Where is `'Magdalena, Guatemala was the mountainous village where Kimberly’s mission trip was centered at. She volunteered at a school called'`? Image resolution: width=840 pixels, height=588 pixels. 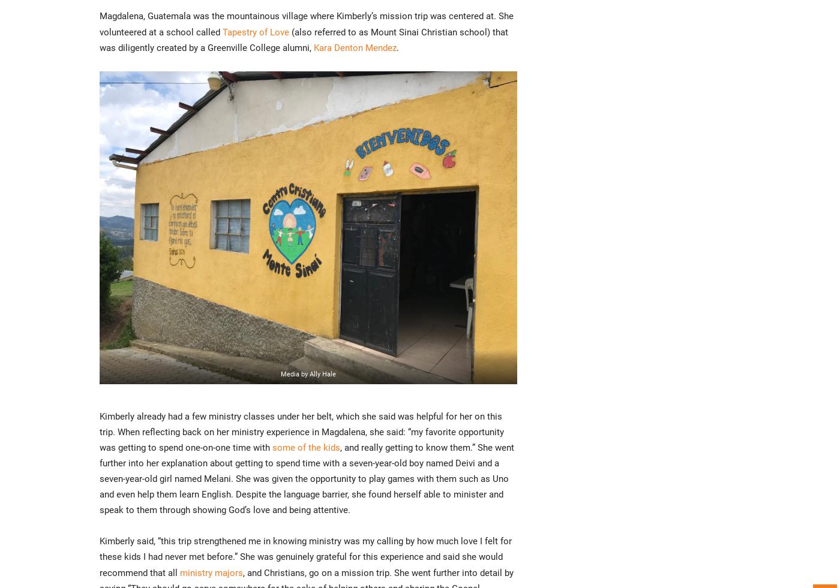
'Magdalena, Guatemala was the mountainous village where Kimberly’s mission trip was centered at. She volunteered at a school called' is located at coordinates (307, 23).